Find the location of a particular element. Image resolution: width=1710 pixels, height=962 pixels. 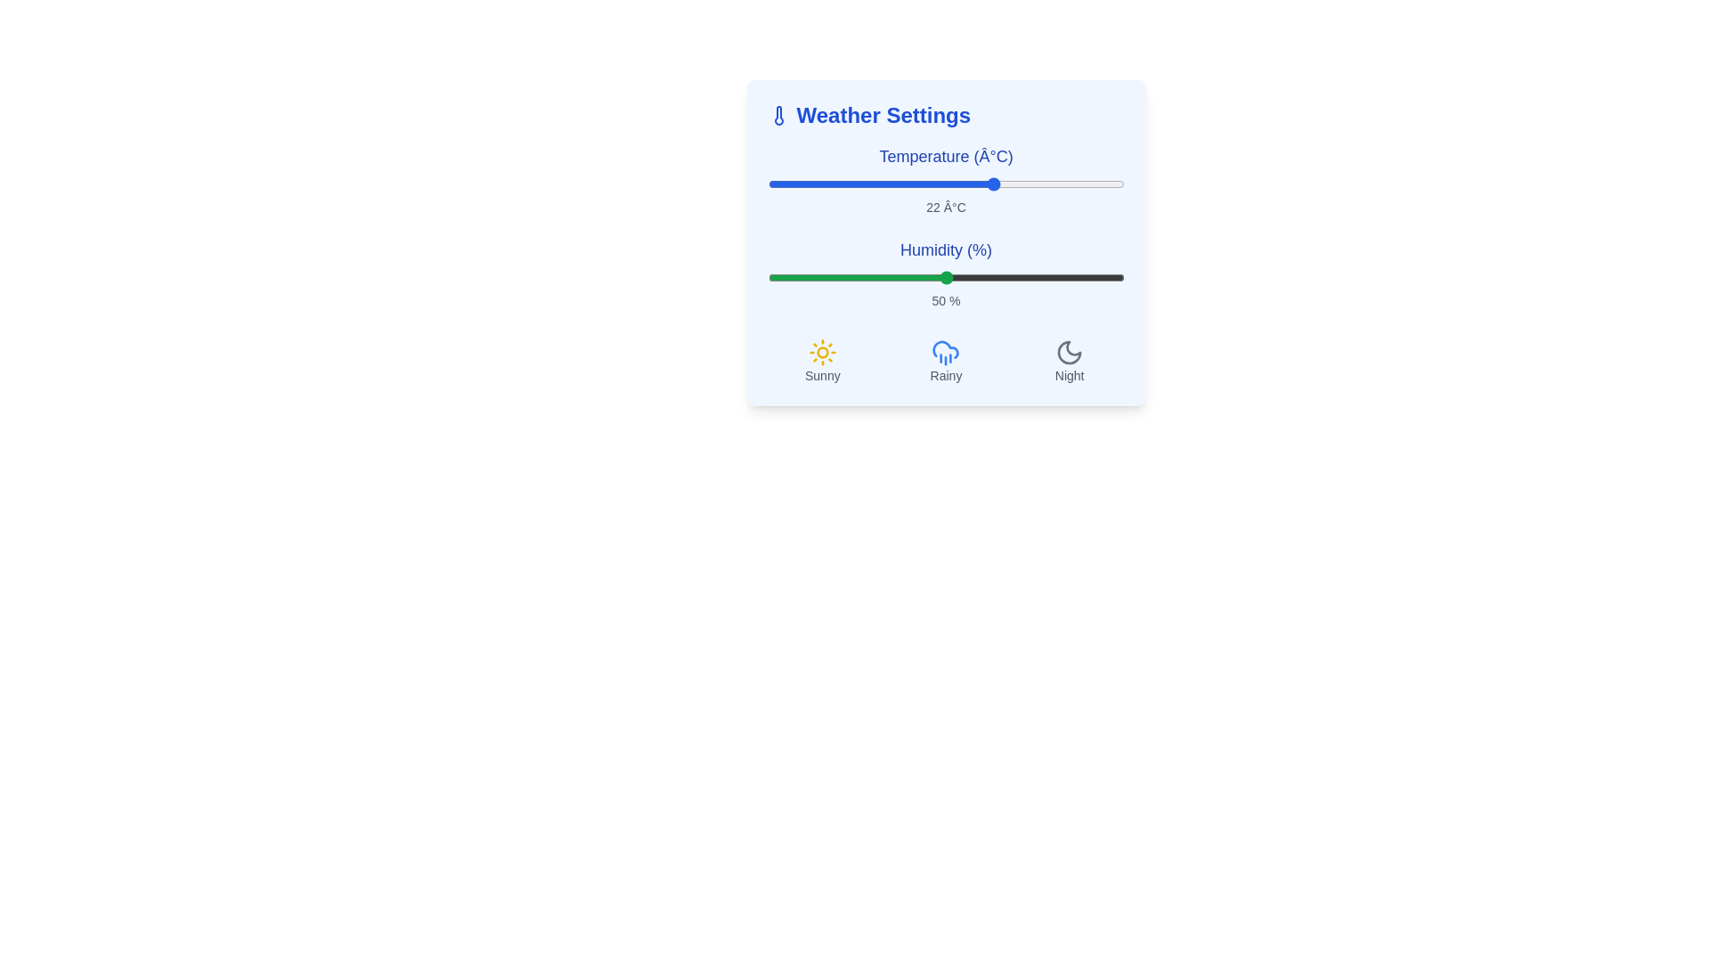

the temperature is located at coordinates (1024, 184).